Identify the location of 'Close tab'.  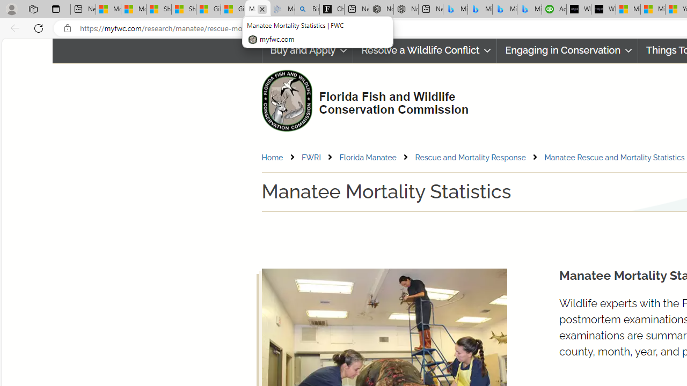
(262, 9).